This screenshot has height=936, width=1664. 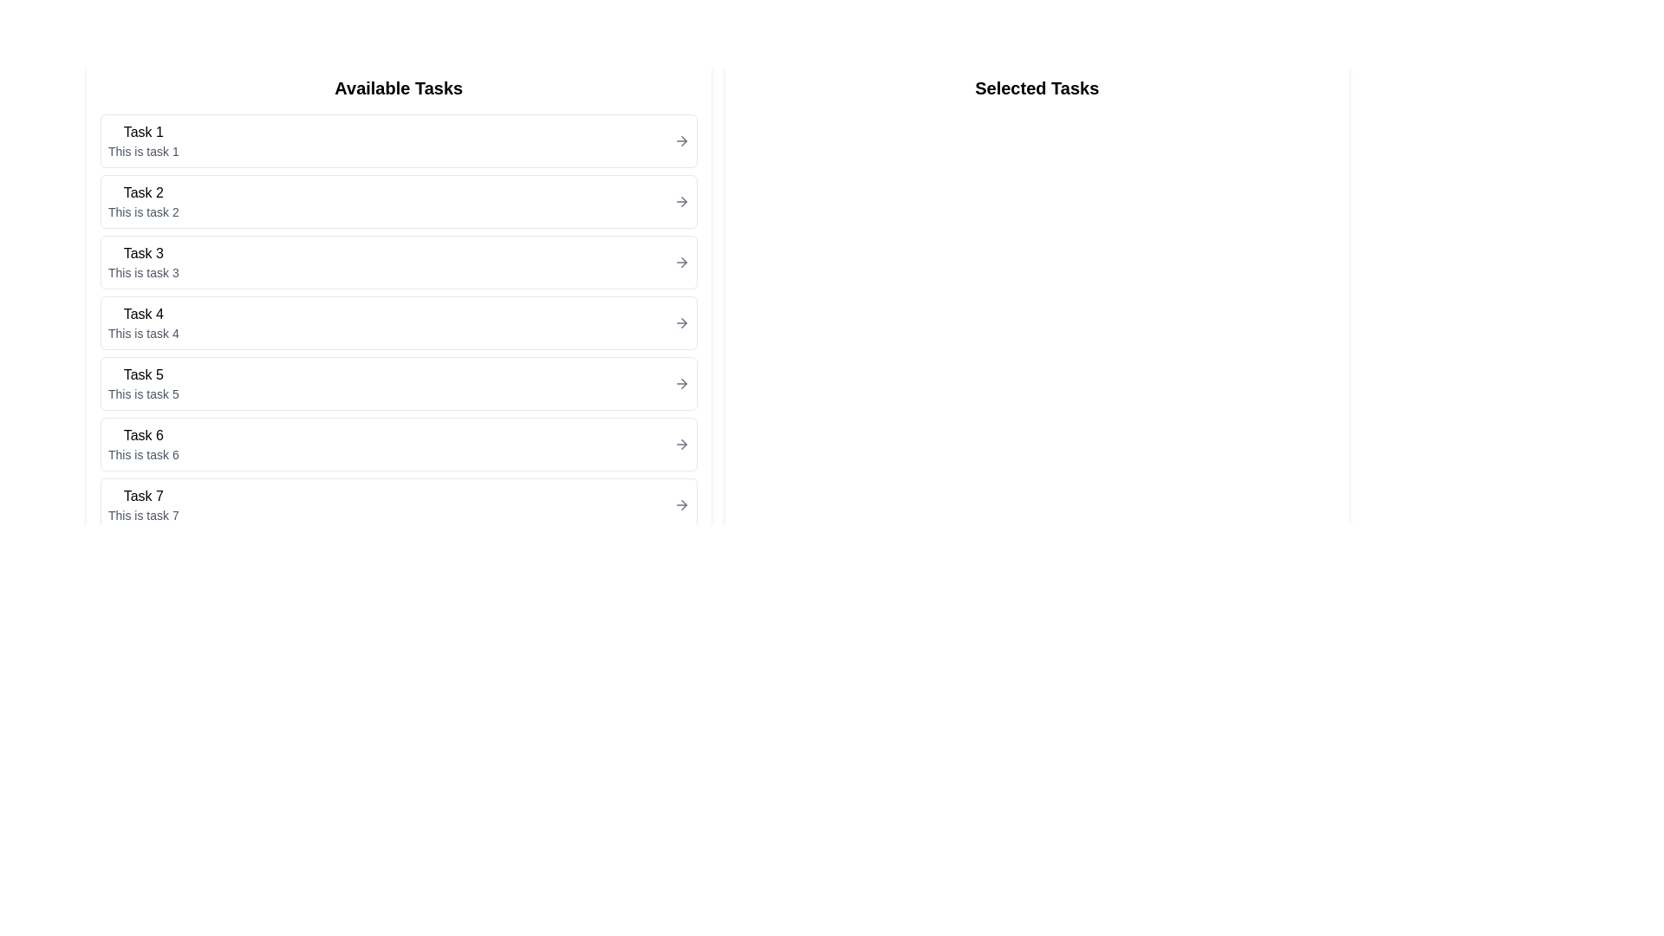 What do you see at coordinates (398, 263) in the screenshot?
I see `the third Interactive Card` at bounding box center [398, 263].